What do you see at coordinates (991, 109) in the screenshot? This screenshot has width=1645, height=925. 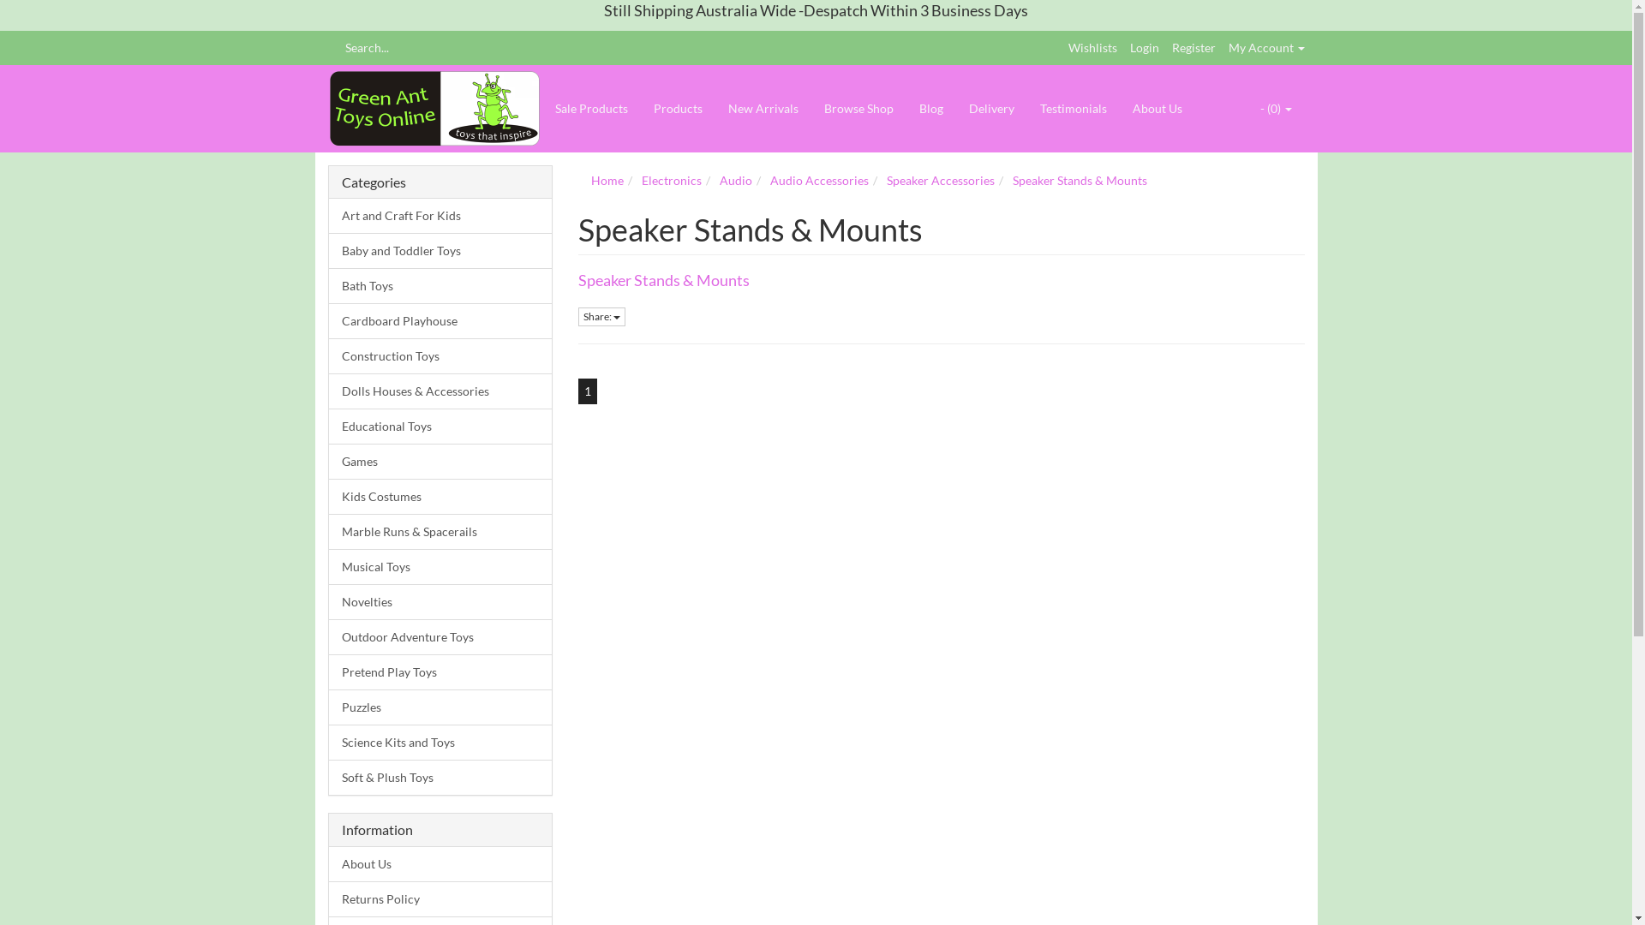 I see `'Delivery'` at bounding box center [991, 109].